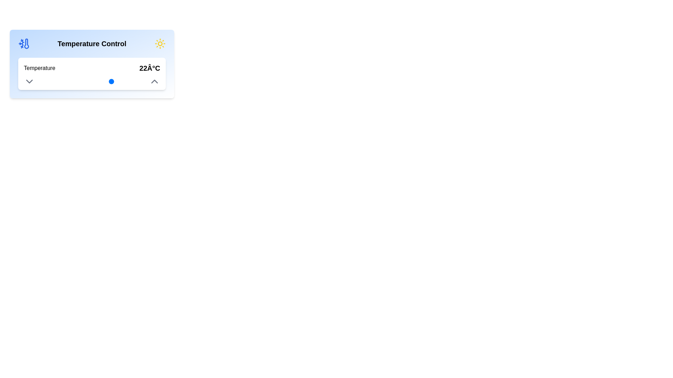 This screenshot has width=673, height=378. I want to click on the text label displaying '22Â°C', which is bold and large, indicating the current temperature, positioned to the right of the 'Temperature' label, so click(149, 68).